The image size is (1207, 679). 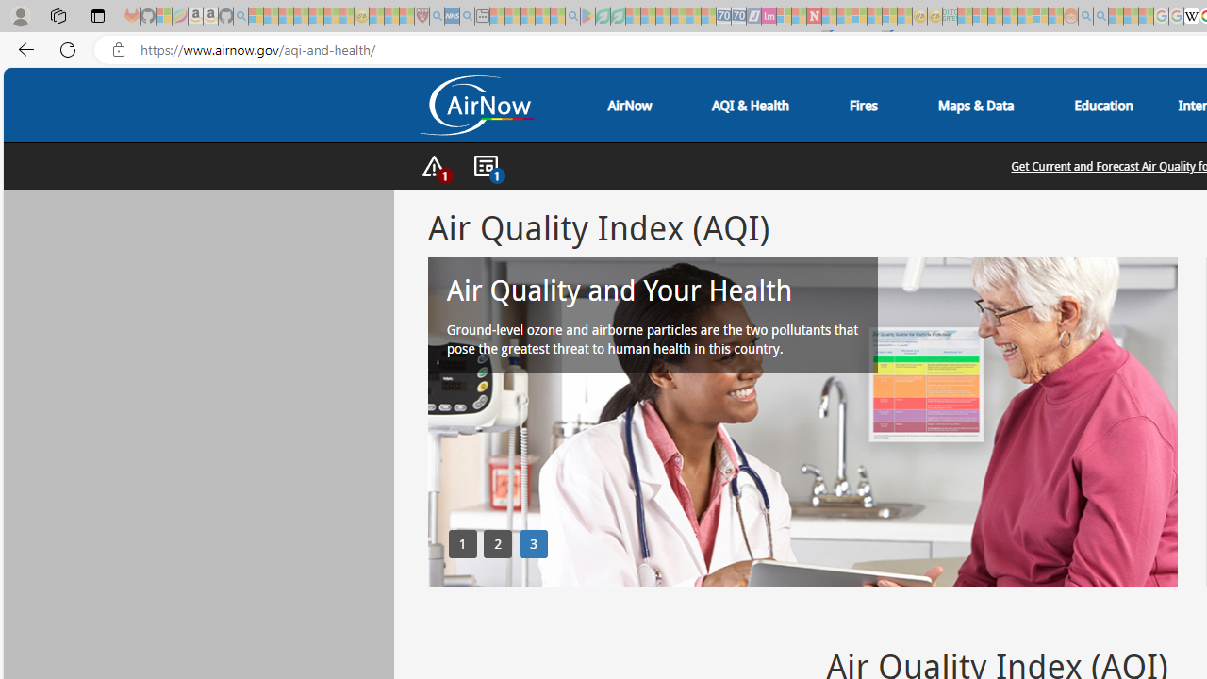 I want to click on '3', so click(x=532, y=543).